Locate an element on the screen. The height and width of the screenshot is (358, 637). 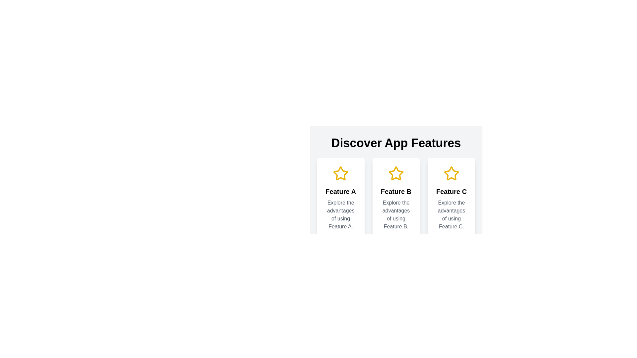
the text label element that reads 'Explore the advantages of using Feature B.' located below the title 'Feature B' in the middle column of a three-column layout is located at coordinates (396, 215).